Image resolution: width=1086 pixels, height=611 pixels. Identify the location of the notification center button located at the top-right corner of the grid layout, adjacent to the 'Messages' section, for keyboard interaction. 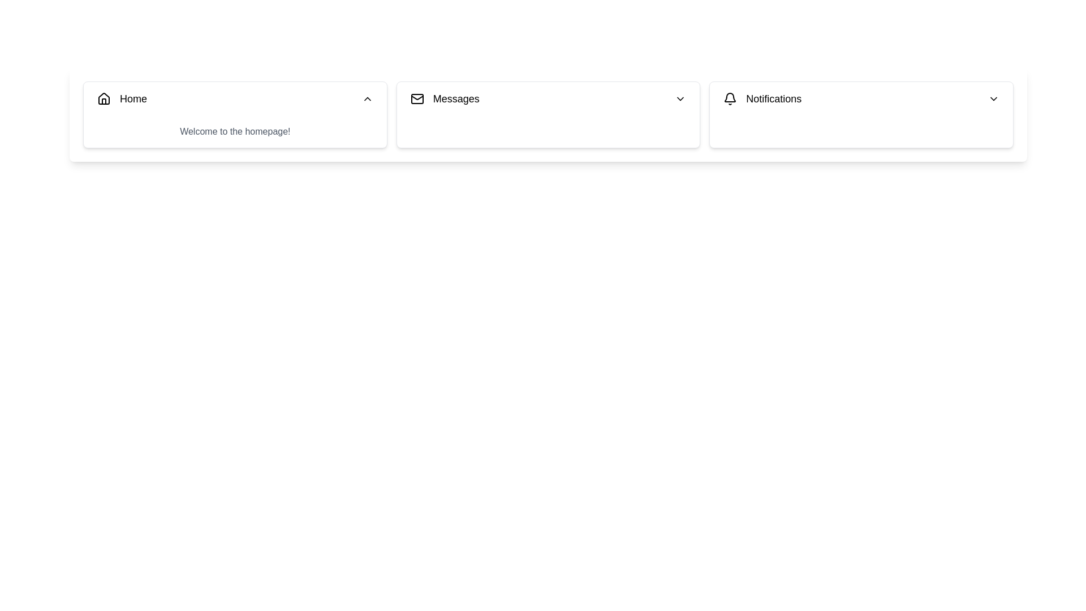
(861, 115).